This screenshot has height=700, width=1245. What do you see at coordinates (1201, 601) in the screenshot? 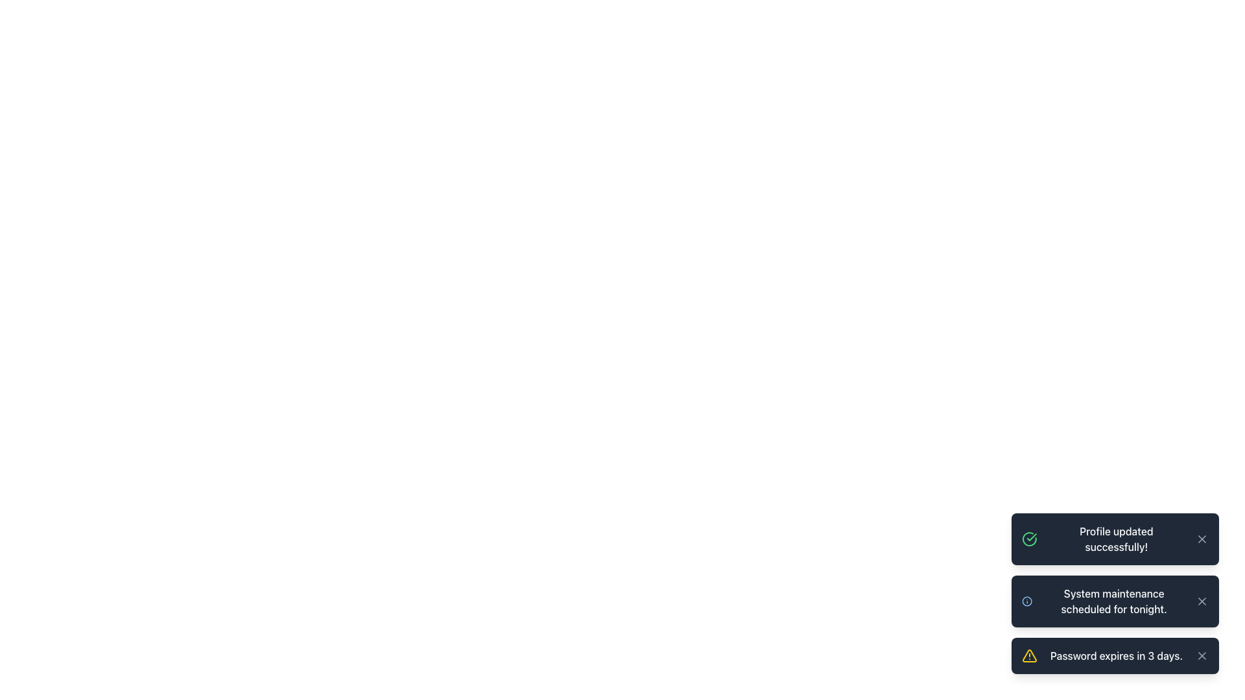
I see `the close (X) button in the top-right corner of the notification card` at bounding box center [1201, 601].